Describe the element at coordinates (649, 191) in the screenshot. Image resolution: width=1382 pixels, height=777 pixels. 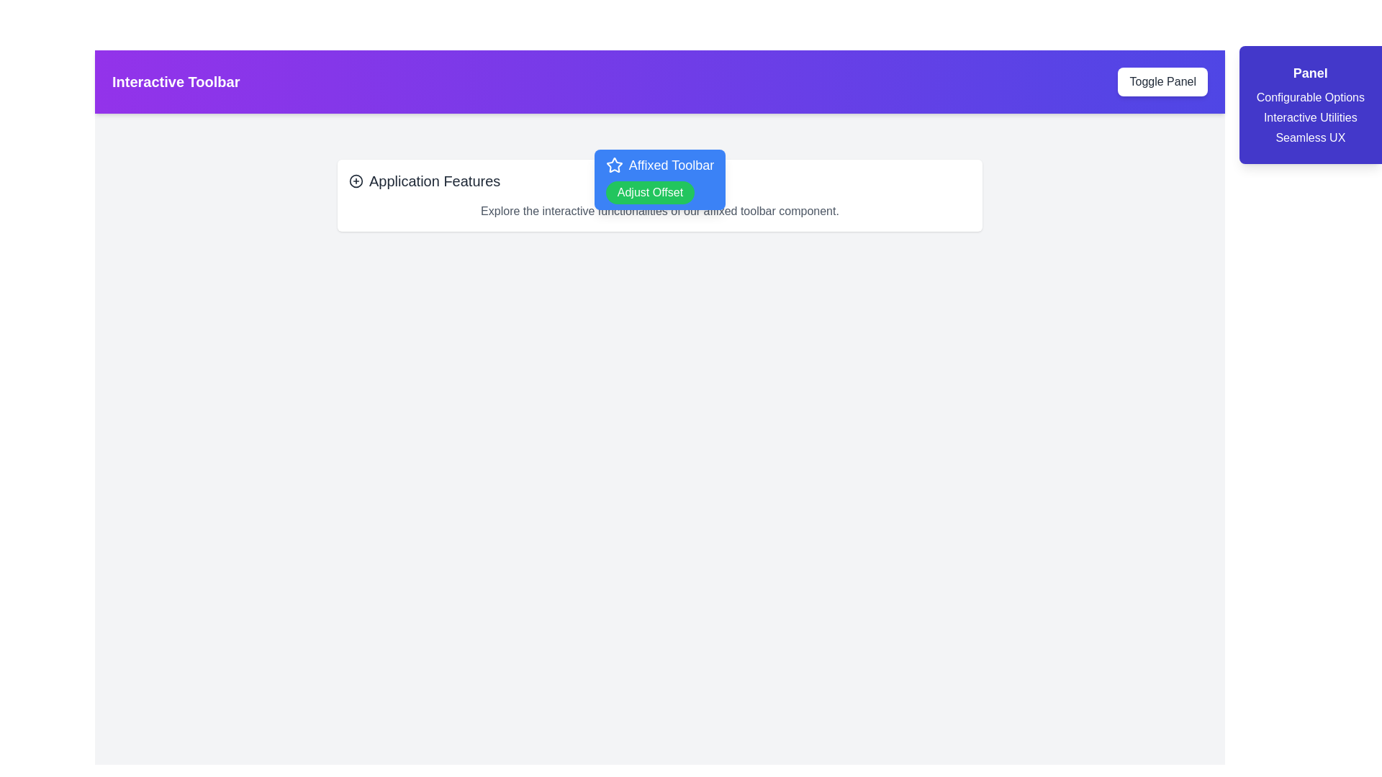
I see `the 'Adjust Offset' button with a green background located below the 'Affixed Toolbar' within the blue toolbar popup box` at that location.